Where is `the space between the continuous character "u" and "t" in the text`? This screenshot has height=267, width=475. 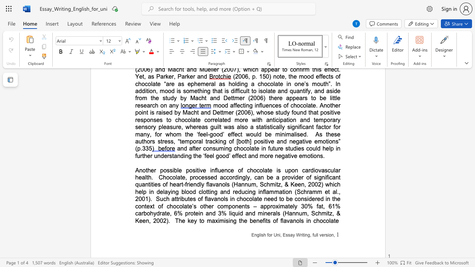 the space between the continuous character "u" and "t" in the text is located at coordinates (187, 198).